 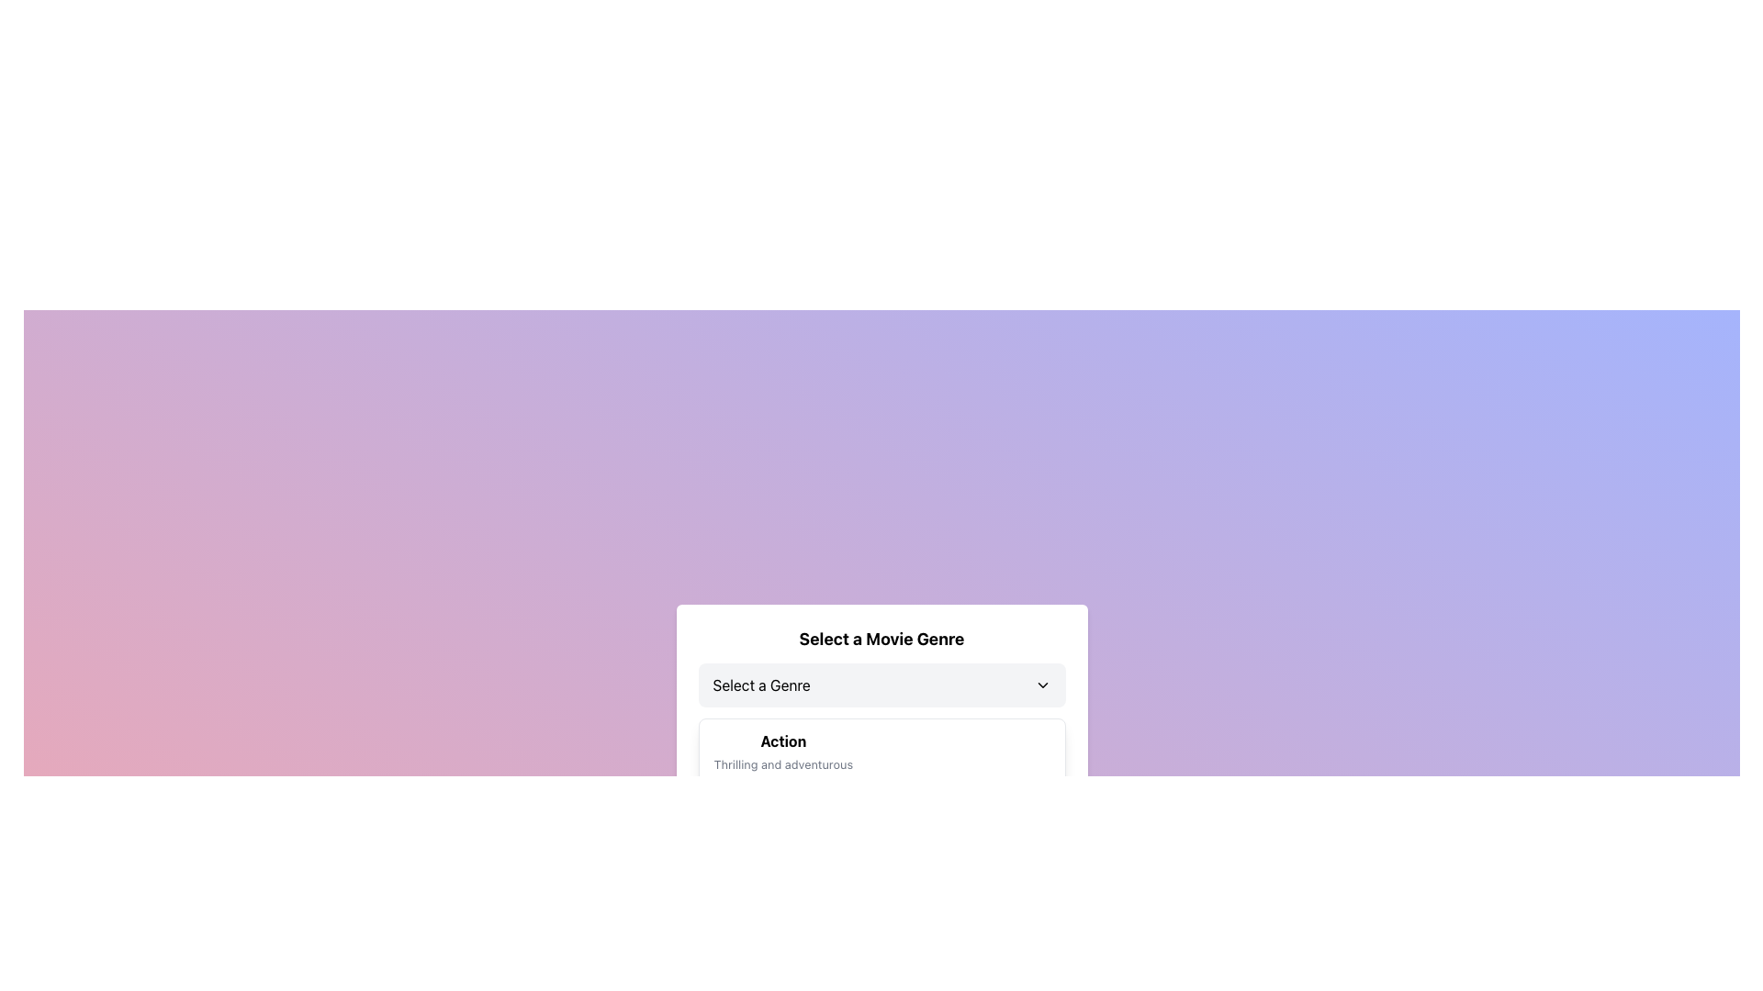 What do you see at coordinates (783, 752) in the screenshot?
I see `the list item containing the text 'Action' and 'Thrilling and adventurous' using keyboard navigation to focus on it` at bounding box center [783, 752].